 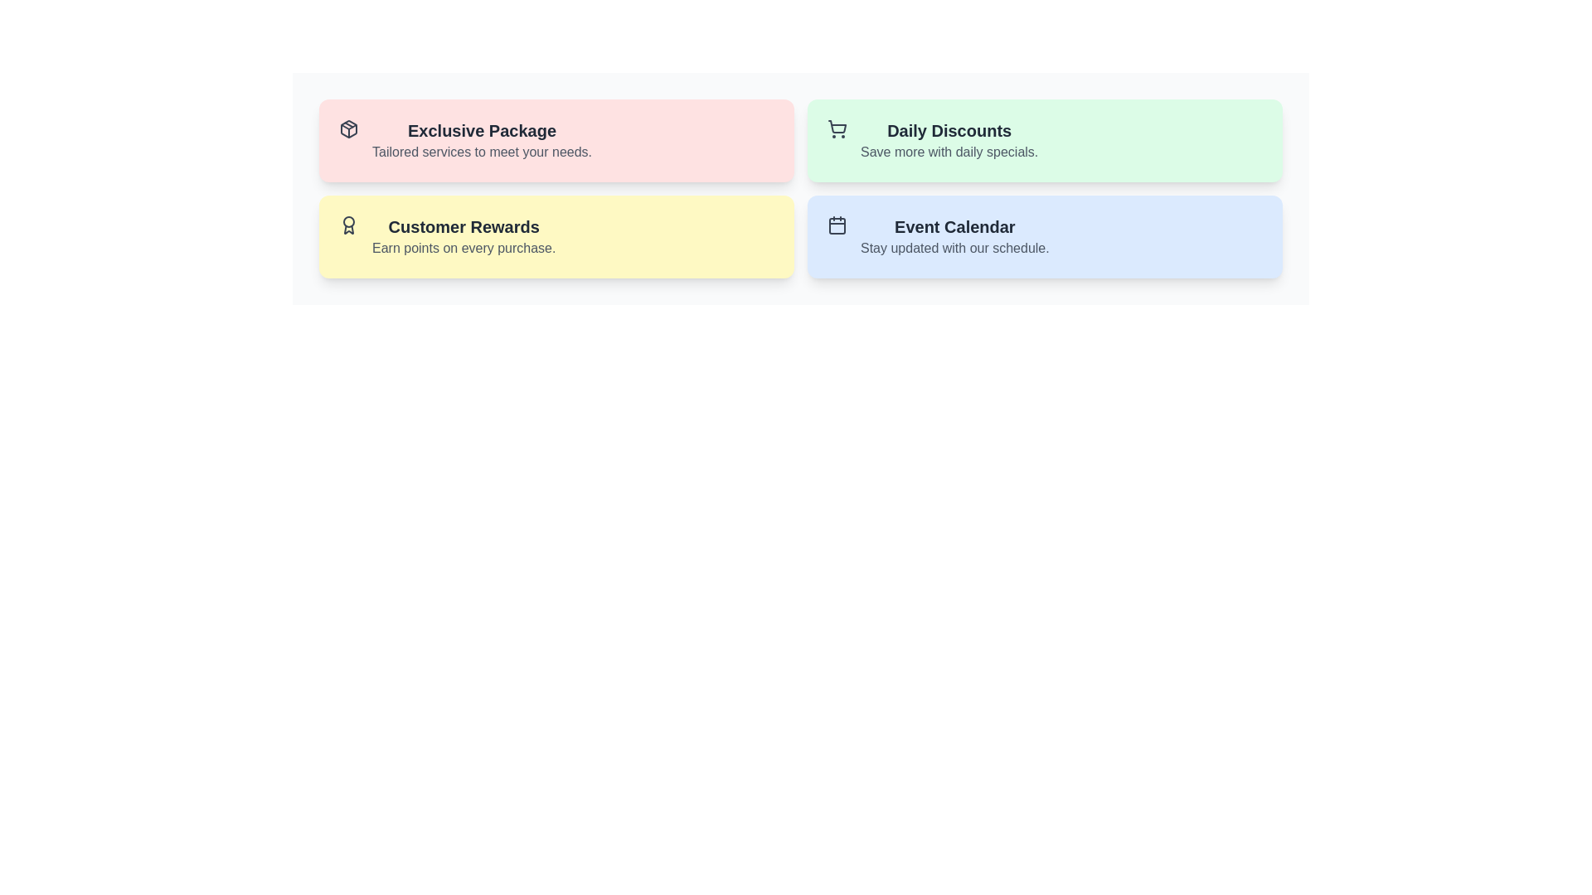 What do you see at coordinates (954, 226) in the screenshot?
I see `the 'Event Calendar' text label` at bounding box center [954, 226].